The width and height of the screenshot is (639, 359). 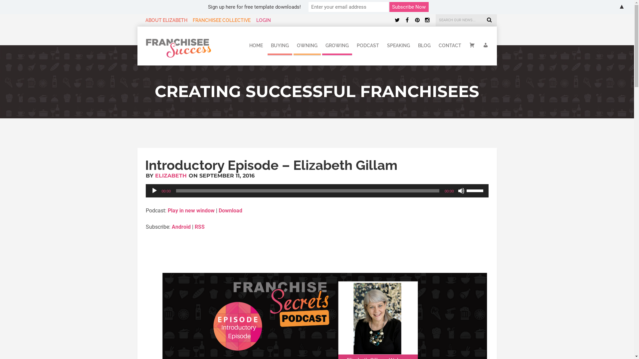 I want to click on 'BLOG', so click(x=424, y=44).